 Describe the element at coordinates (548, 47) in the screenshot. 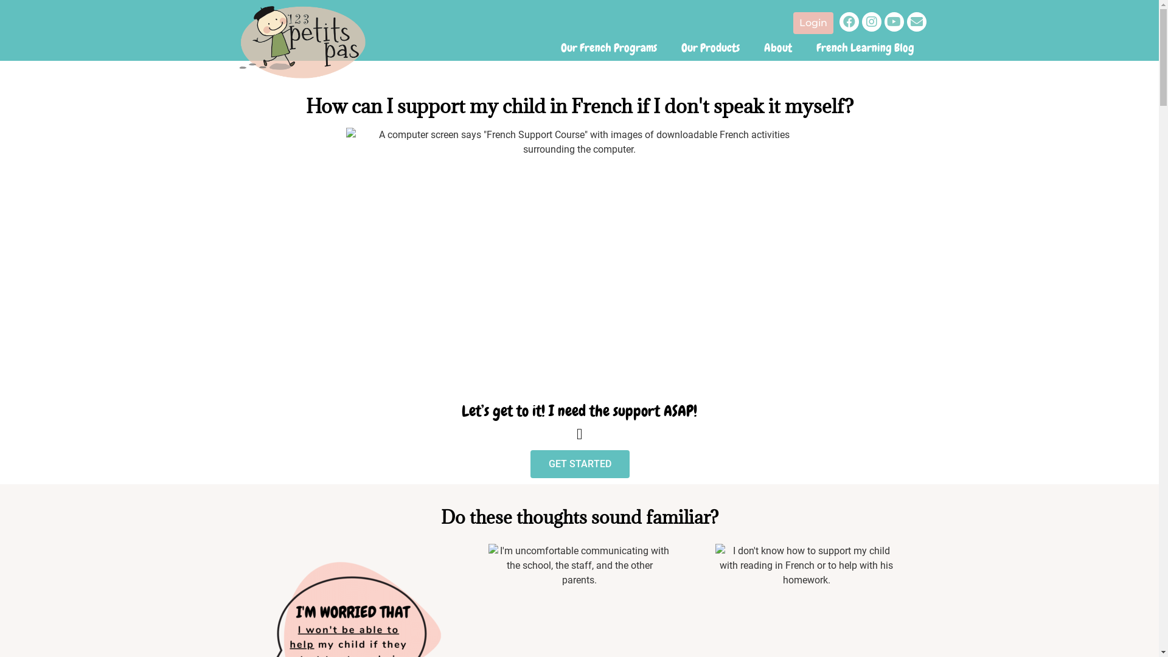

I see `'Our French Programs'` at that location.